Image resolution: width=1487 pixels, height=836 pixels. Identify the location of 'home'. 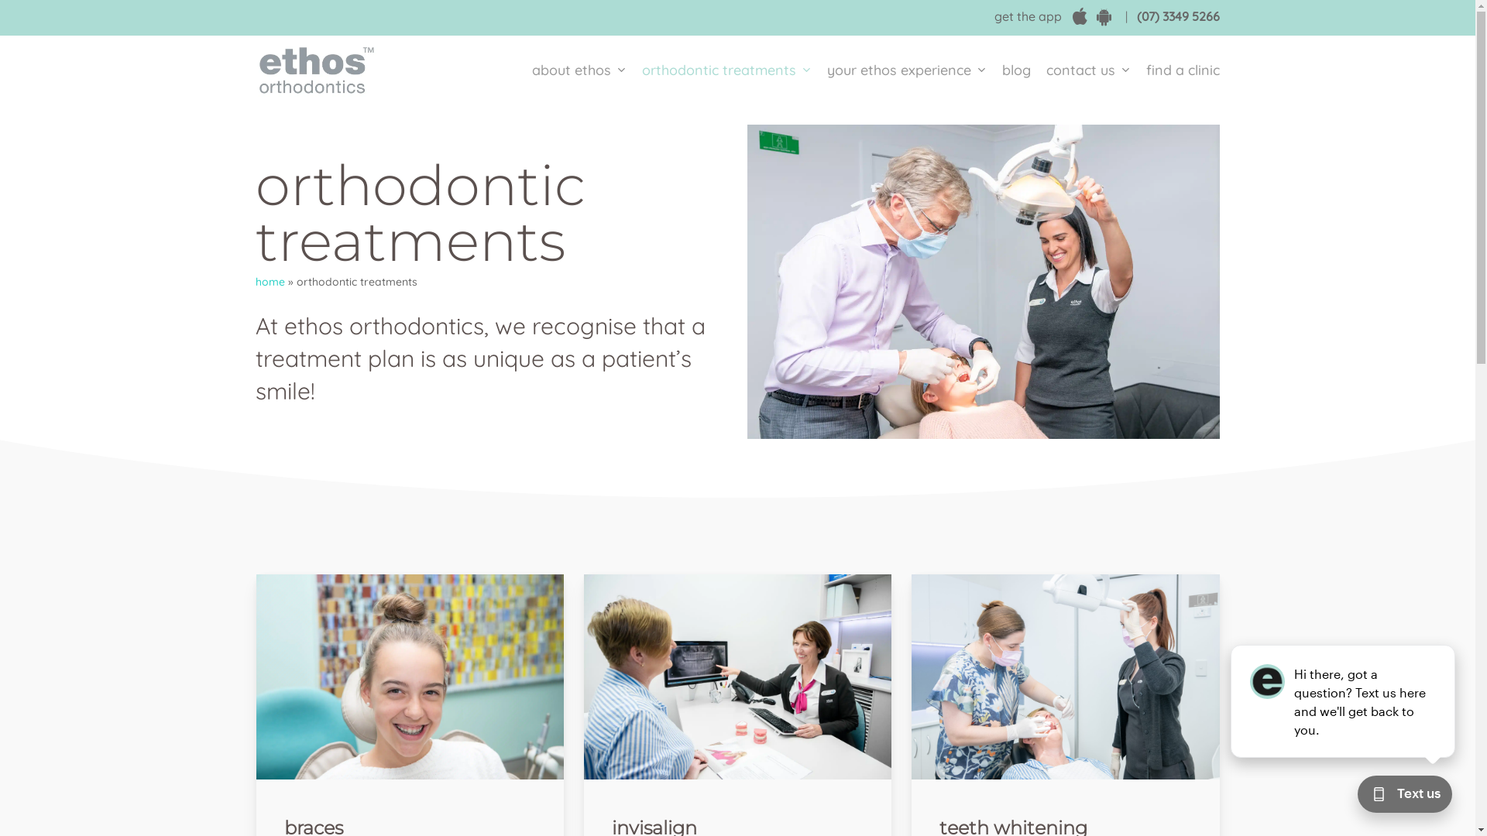
(270, 281).